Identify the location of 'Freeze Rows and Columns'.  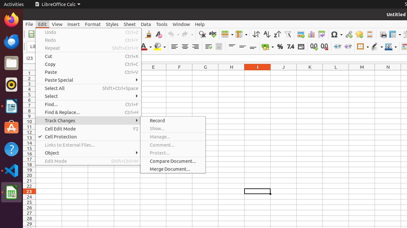
(394, 34).